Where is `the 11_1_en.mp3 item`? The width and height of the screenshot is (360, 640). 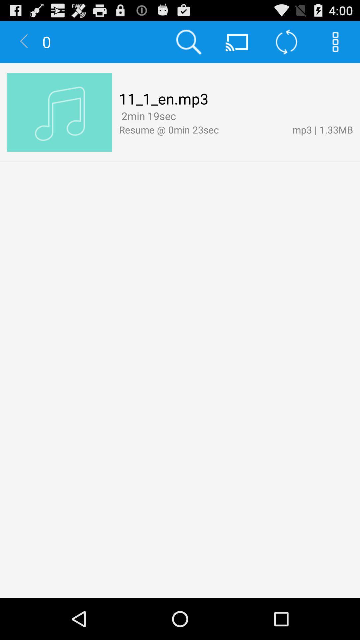 the 11_1_en.mp3 item is located at coordinates (164, 98).